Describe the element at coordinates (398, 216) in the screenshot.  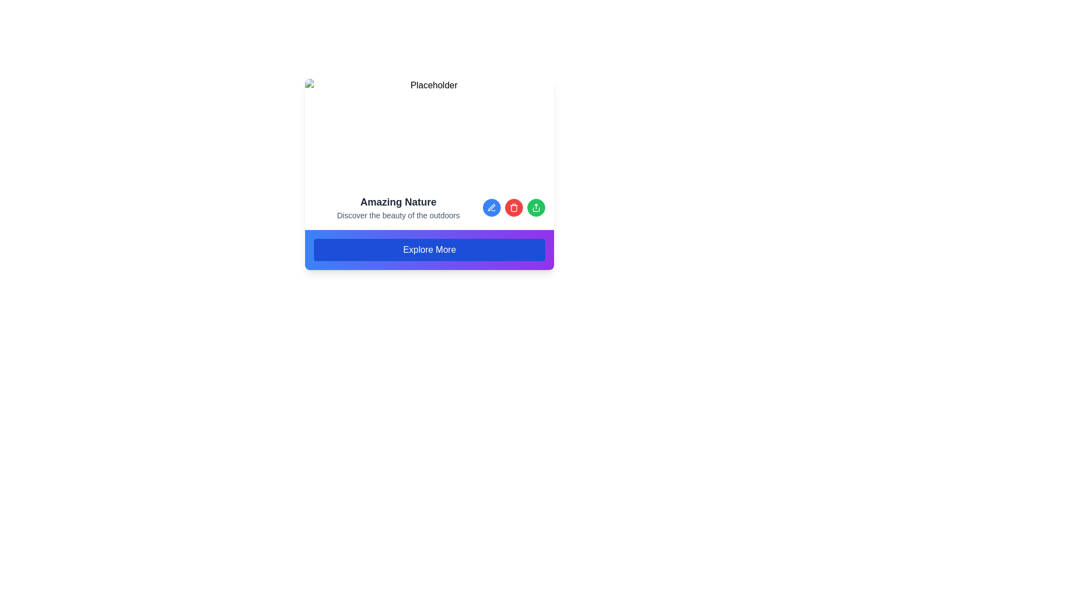
I see `text content of the small textual element displaying 'Discover the beauty of the outdoors', which is located below 'Amazing Nature' and above the 'Explore More' button` at that location.